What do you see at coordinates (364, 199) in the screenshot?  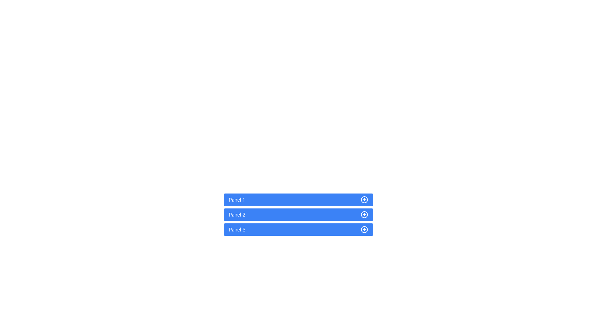 I see `the 'plus' icon enclosed within a circle located at the far-right edge of 'Panel 1'` at bounding box center [364, 199].